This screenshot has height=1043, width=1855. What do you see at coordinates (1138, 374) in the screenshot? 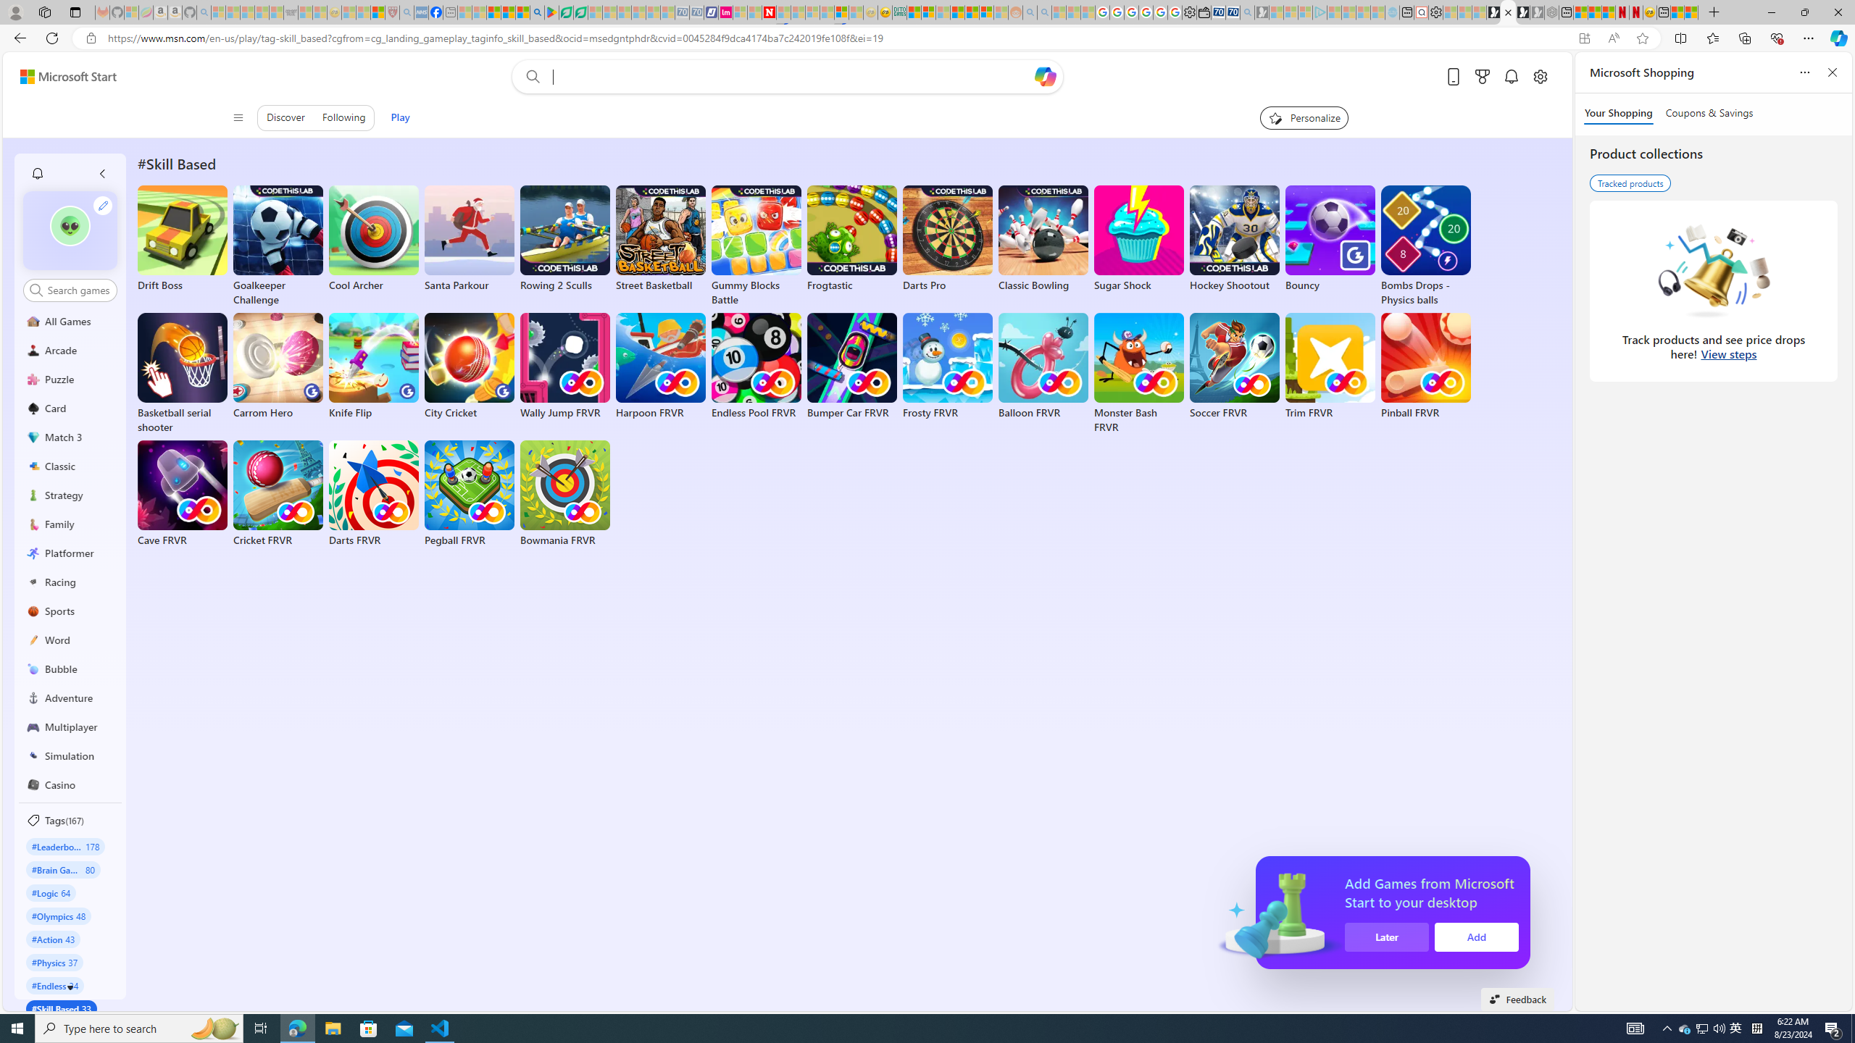
I see `'Monster Bash FRVR'` at bounding box center [1138, 374].